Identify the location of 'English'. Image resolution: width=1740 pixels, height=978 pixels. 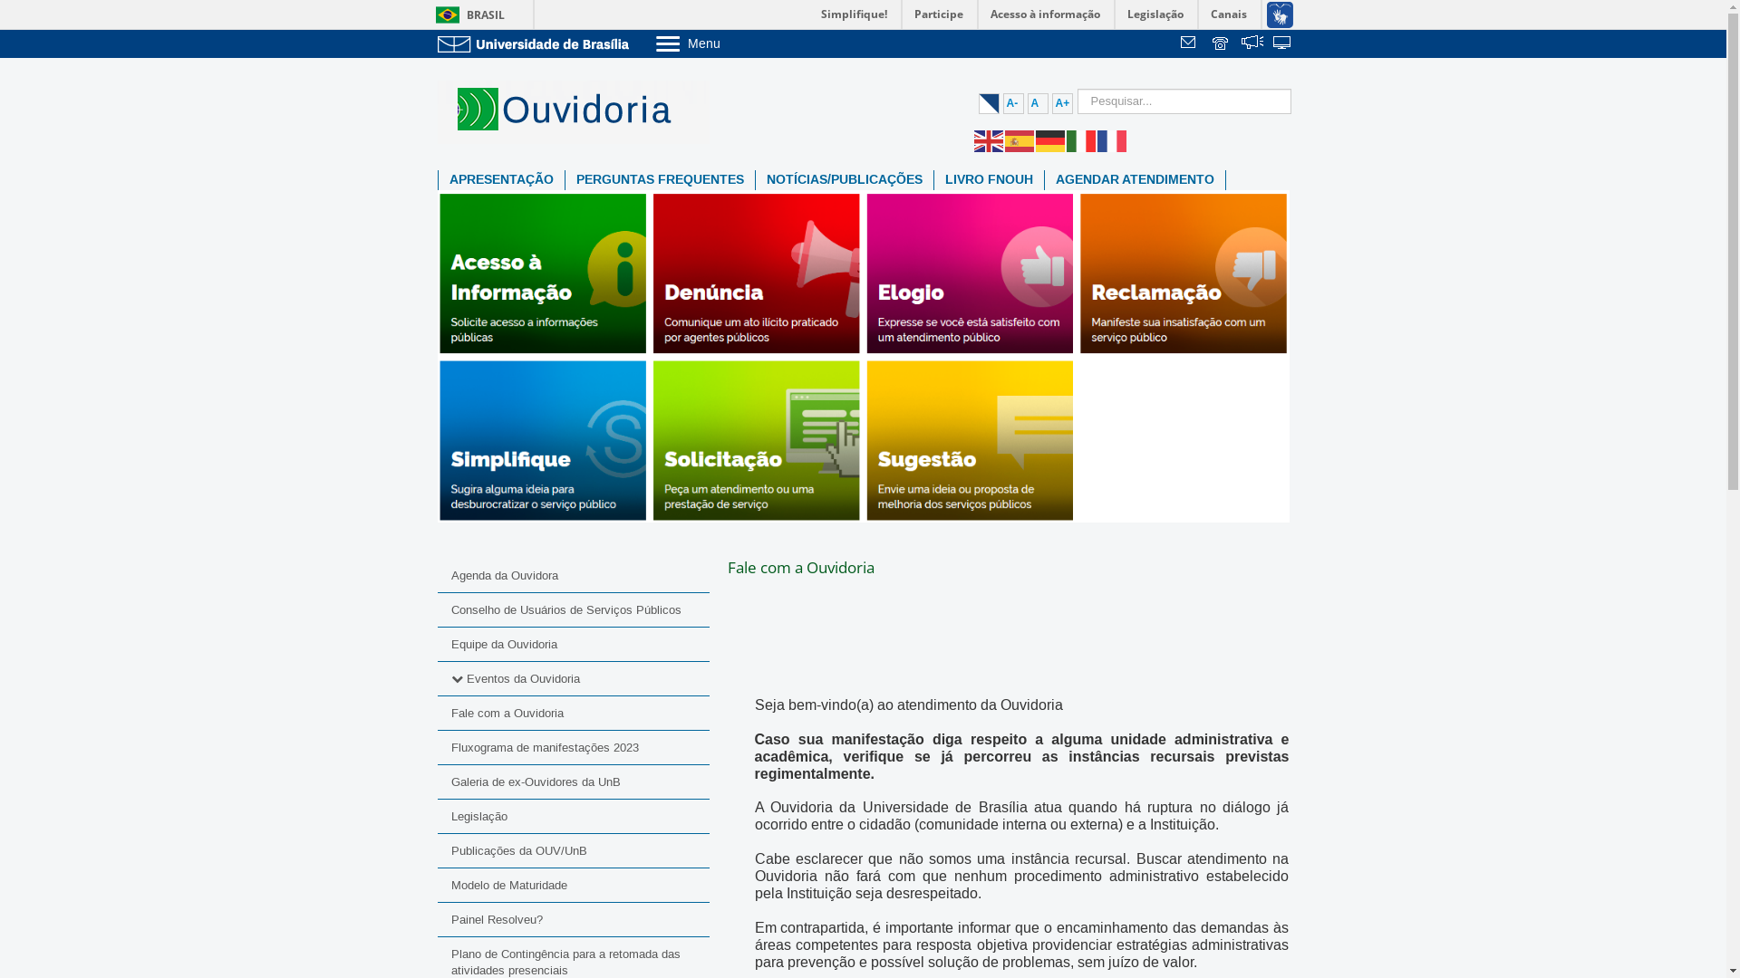
(987, 139).